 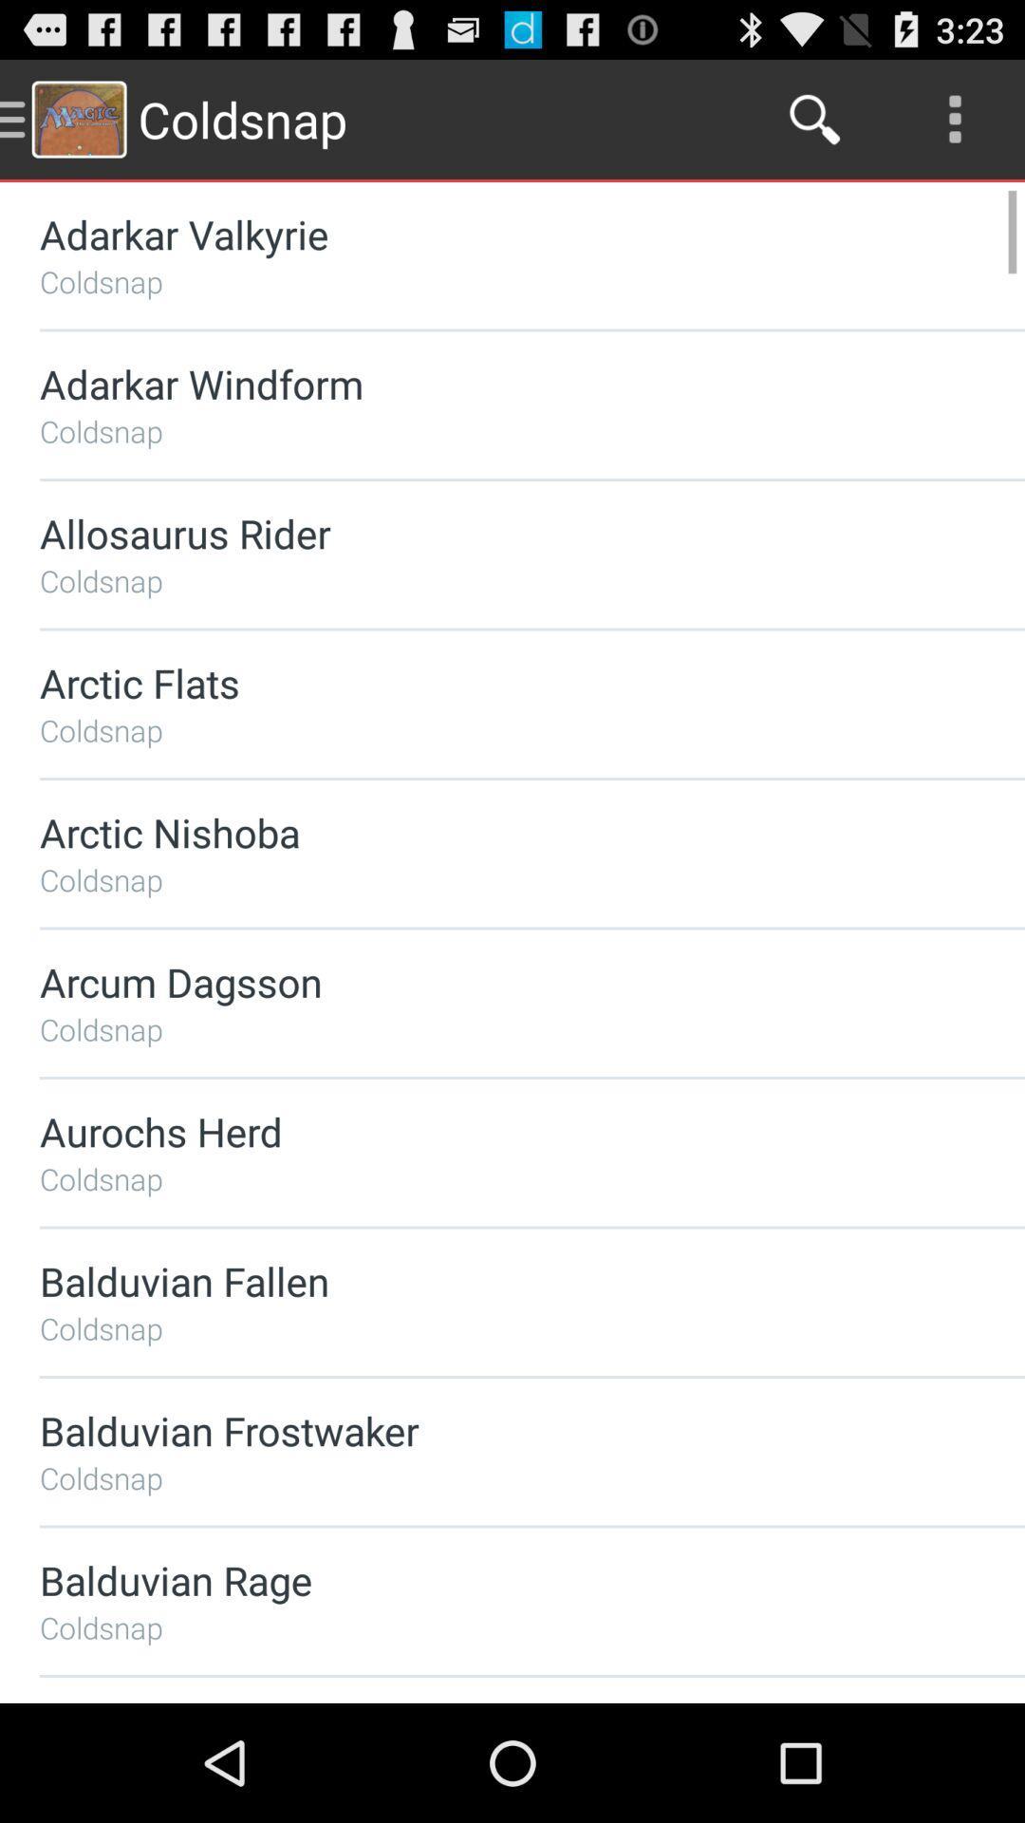 I want to click on item above the coldsnap, so click(x=481, y=982).